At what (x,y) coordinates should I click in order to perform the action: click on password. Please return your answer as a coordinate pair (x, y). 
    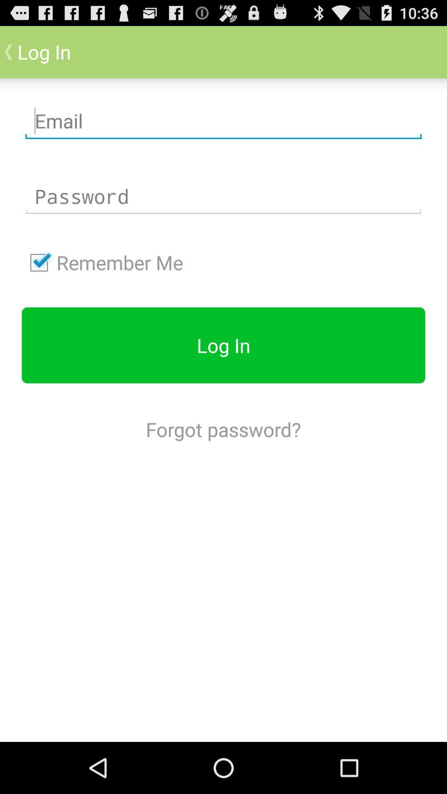
    Looking at the image, I should click on (223, 196).